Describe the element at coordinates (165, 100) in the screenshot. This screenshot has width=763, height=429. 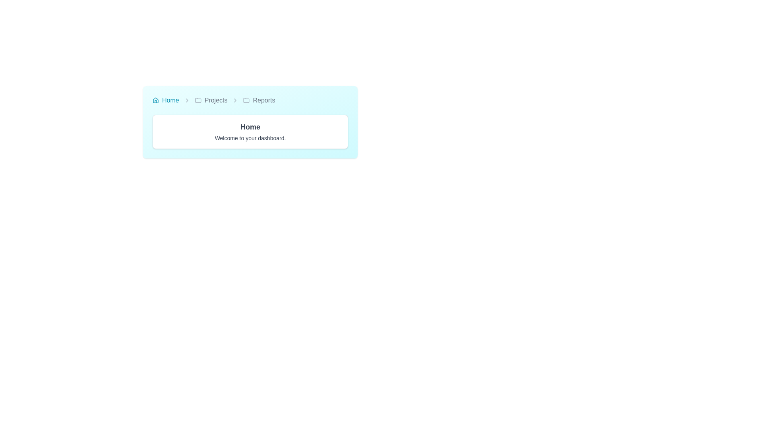
I see `the 'Home' breadcrumb navigation item, which displays a house icon in cyan color` at that location.